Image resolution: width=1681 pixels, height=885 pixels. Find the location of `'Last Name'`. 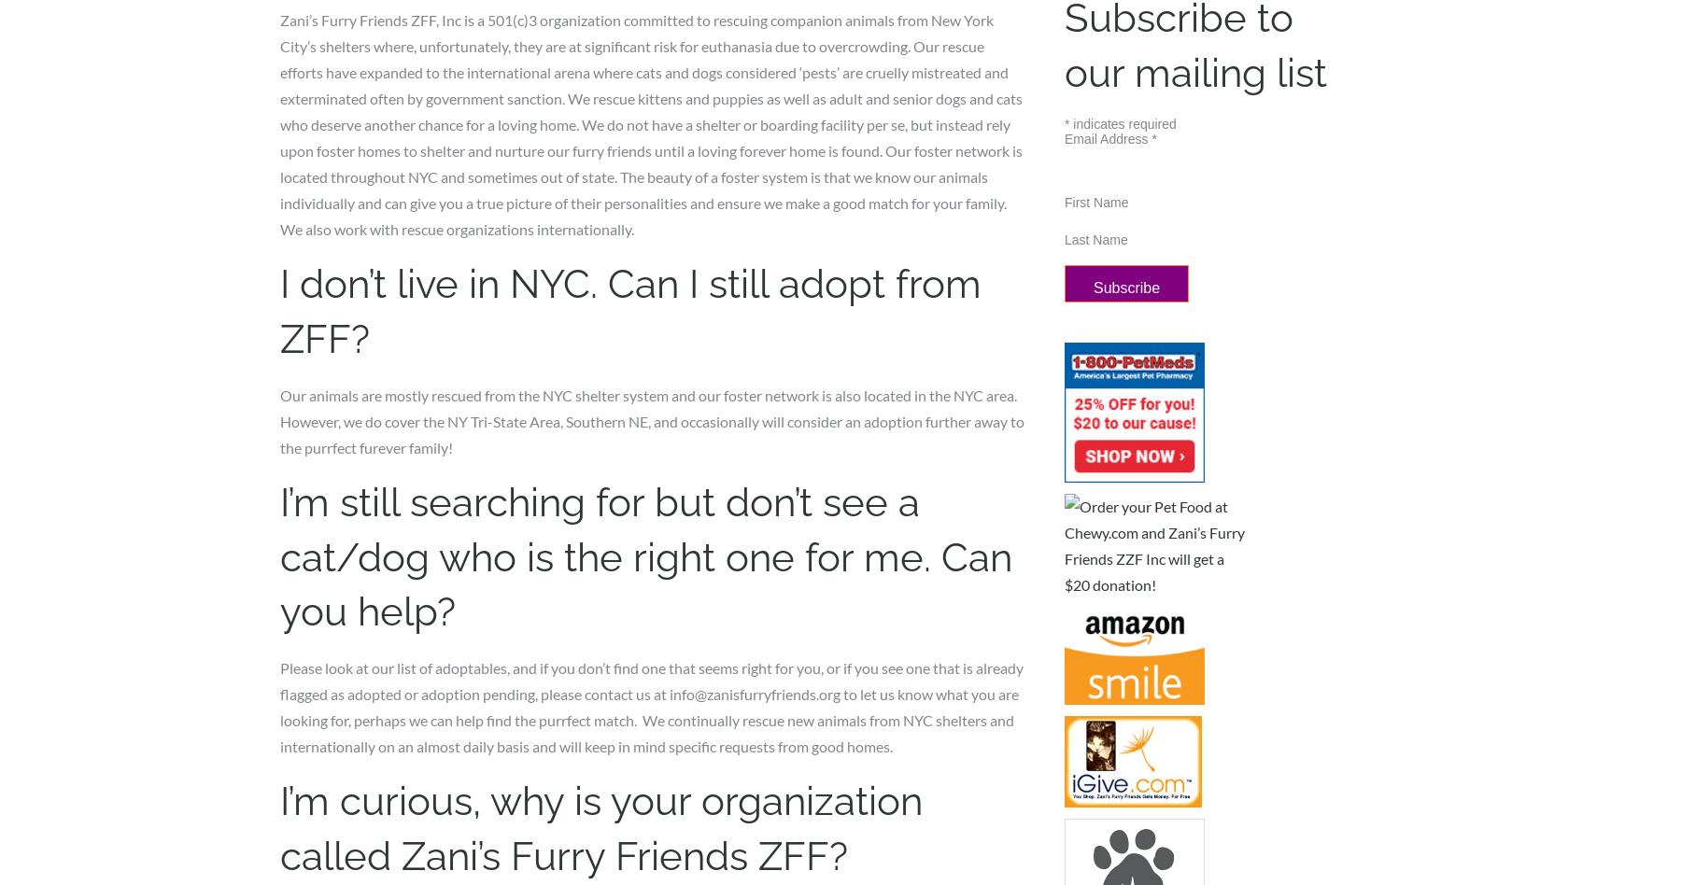

'Last Name' is located at coordinates (1096, 238).